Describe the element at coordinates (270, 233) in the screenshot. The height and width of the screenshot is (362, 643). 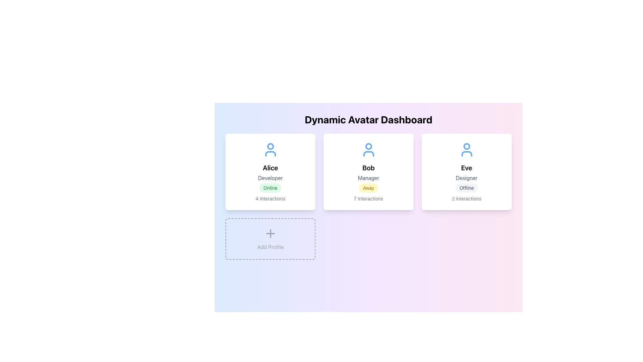
I see `the plus sign icon located in the dashed-bordered 'Add Profile' box to initiate adding a new profile` at that location.